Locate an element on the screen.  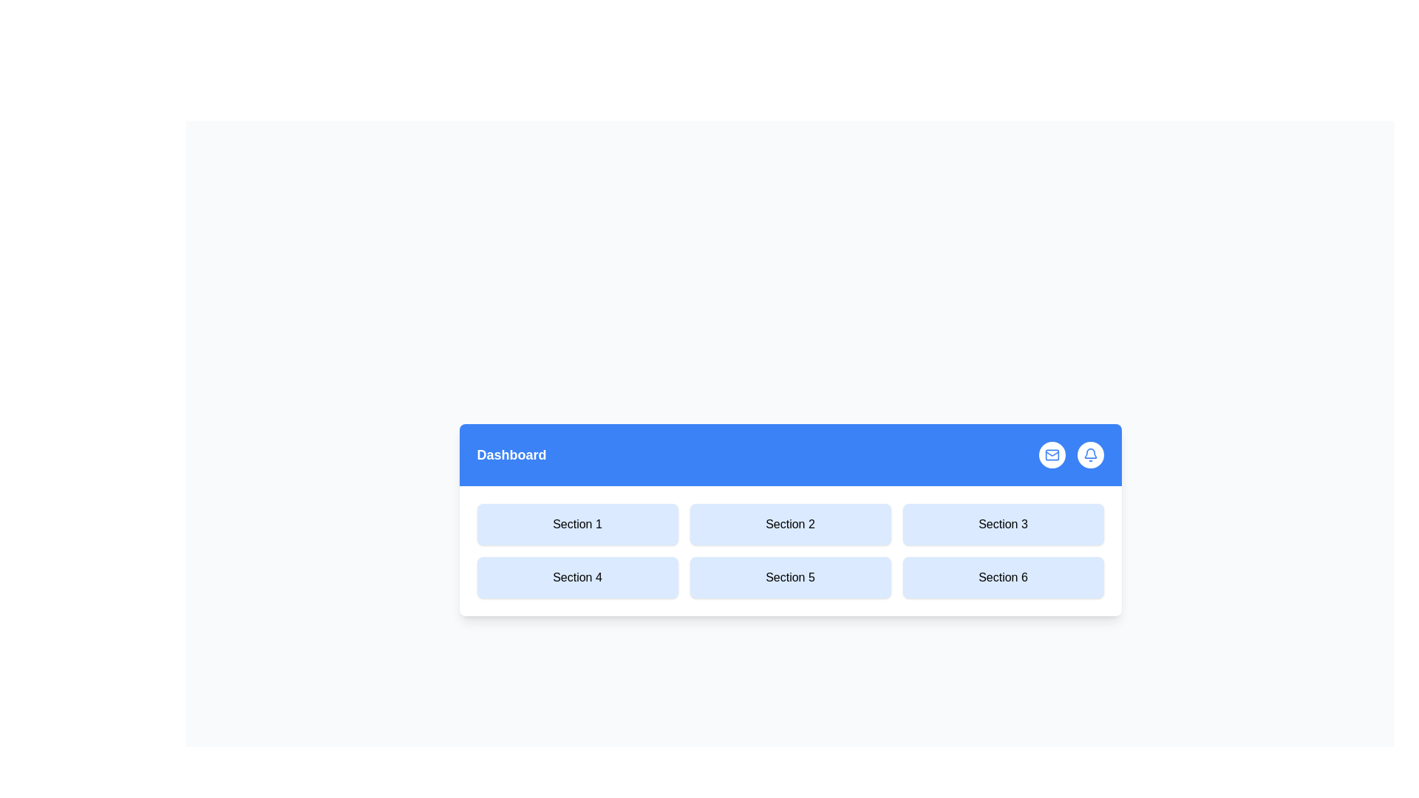
the 'Dashboard' text label located in the blue header bar at the top left of the interface is located at coordinates (511, 454).